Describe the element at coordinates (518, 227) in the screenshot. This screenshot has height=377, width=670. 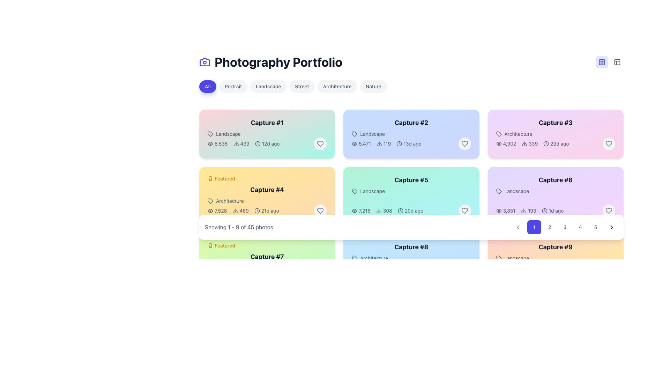
I see `the button with an embedded icon located in the pagination section, which is positioned to the immediate left of the '1' button` at that location.